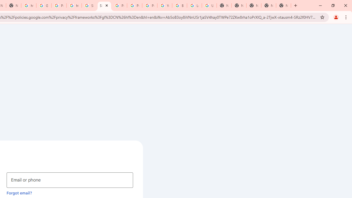 Image resolution: width=352 pixels, height=198 pixels. Describe the element at coordinates (70, 180) in the screenshot. I see `'Email or phone'` at that location.